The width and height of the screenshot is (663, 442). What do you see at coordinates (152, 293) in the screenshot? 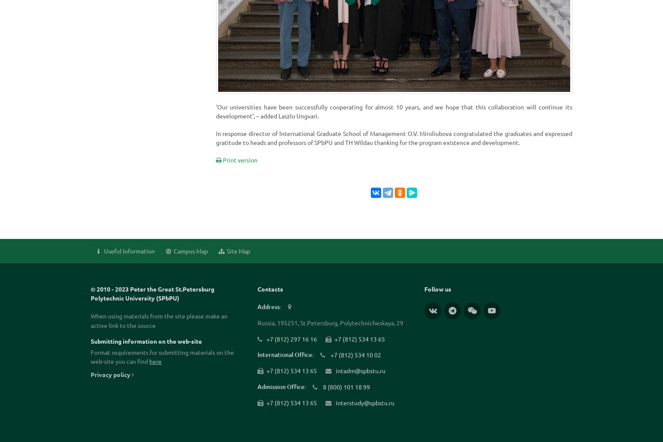
I see `'© 2010 - 2023 Peter the Great St.Petersburg Polytechnic University (SPbPU)'` at bounding box center [152, 293].